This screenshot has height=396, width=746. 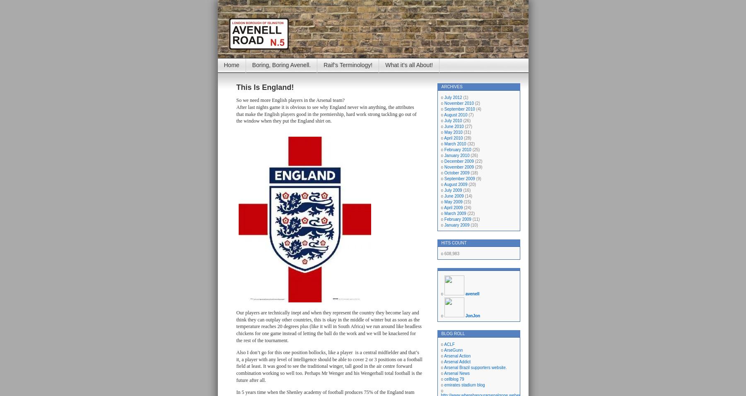 What do you see at coordinates (443, 207) in the screenshot?
I see `'April 2009'` at bounding box center [443, 207].